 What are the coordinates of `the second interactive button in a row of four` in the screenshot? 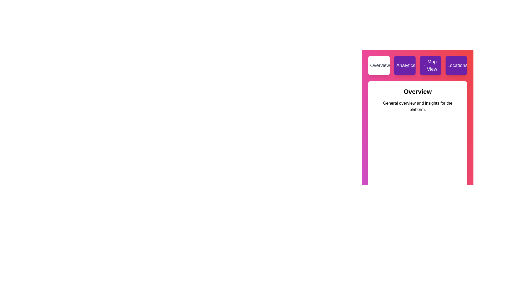 It's located at (405, 65).